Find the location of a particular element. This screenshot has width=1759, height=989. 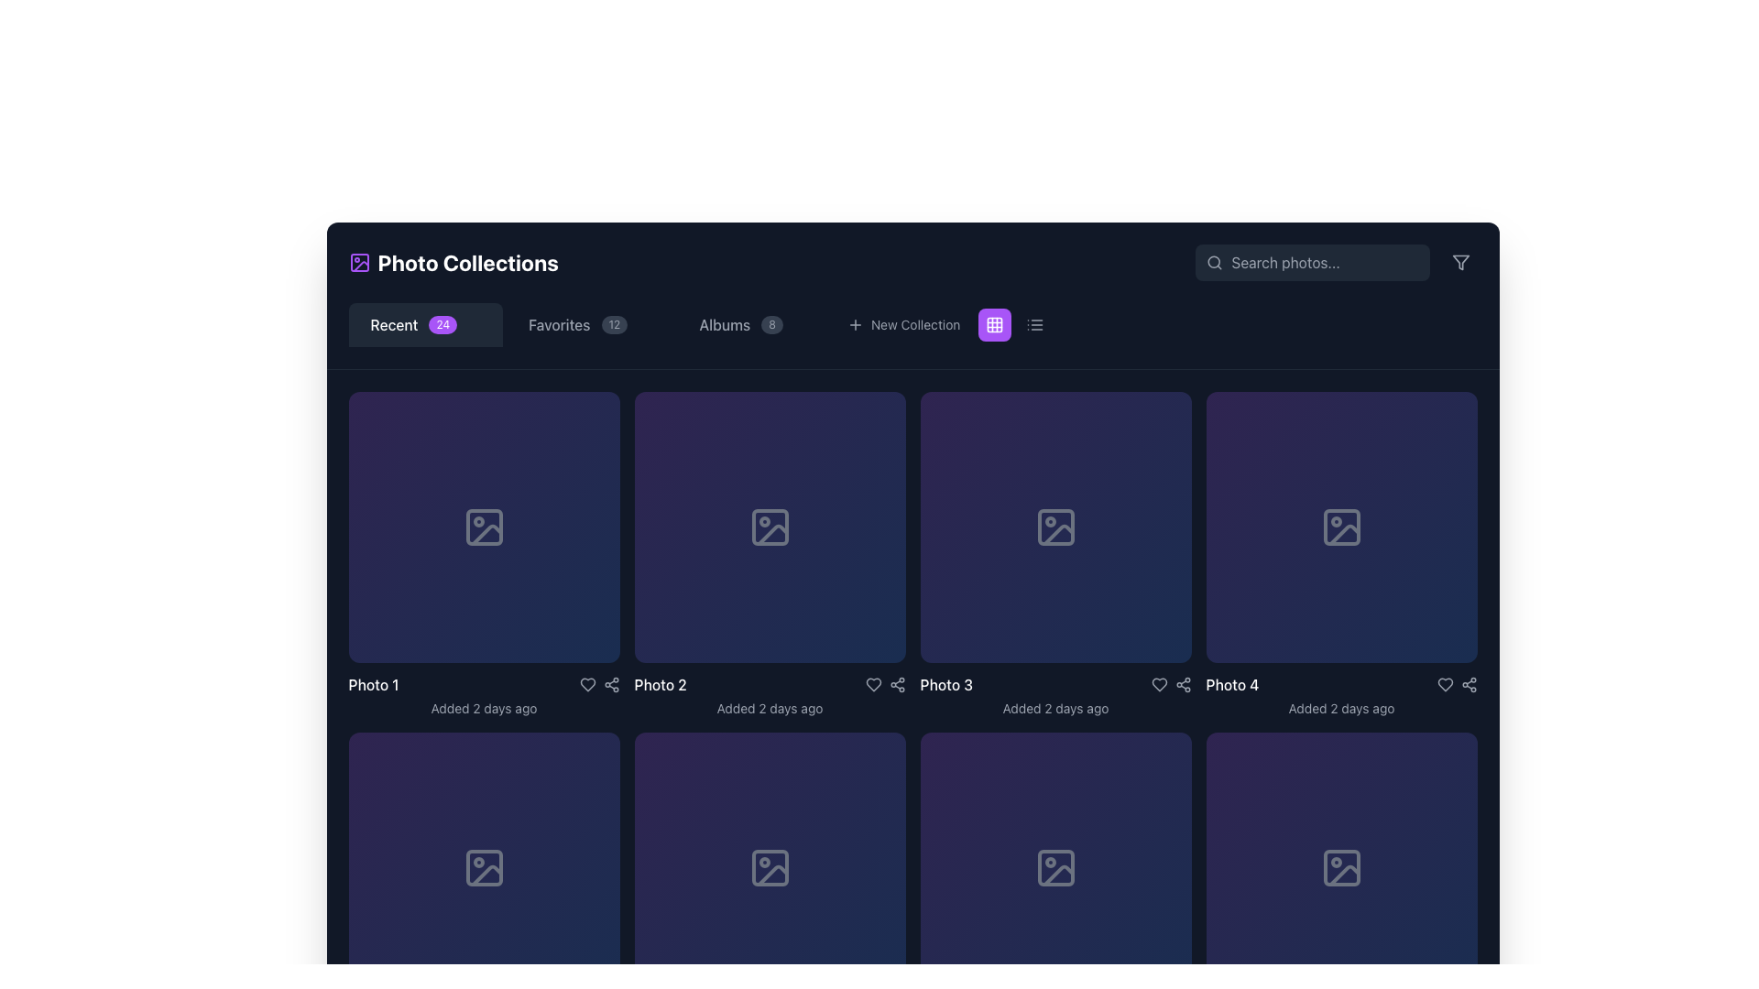

the download icon (SVG) positioned towards the center-right of the fourth item in the grid layout, which is surrounded by 'edit' and 'delete' icons is located at coordinates (1341, 527).